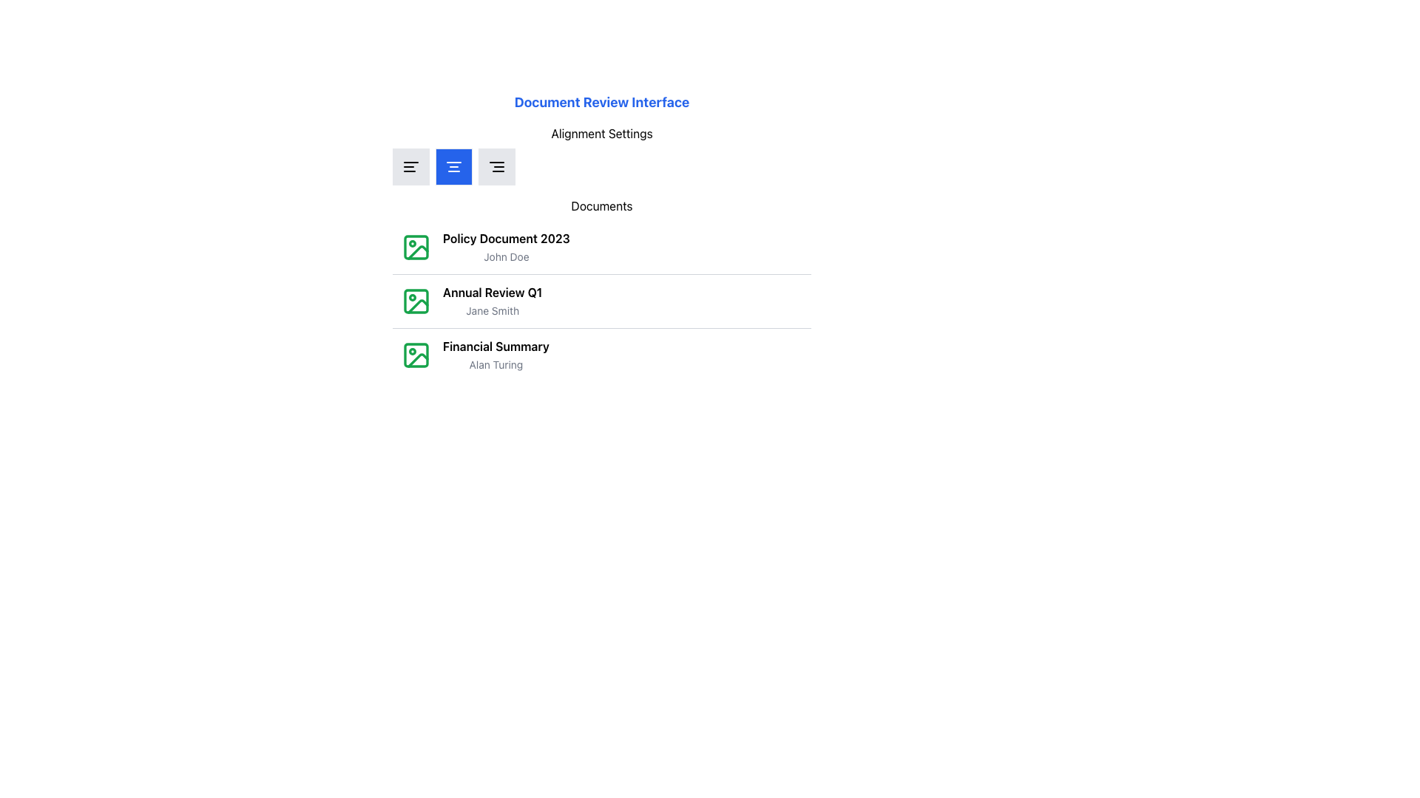  Describe the element at coordinates (415, 355) in the screenshot. I see `the decorative graphic element within the vector-based icon located to the left of the 'Financial Summary' document title` at that location.